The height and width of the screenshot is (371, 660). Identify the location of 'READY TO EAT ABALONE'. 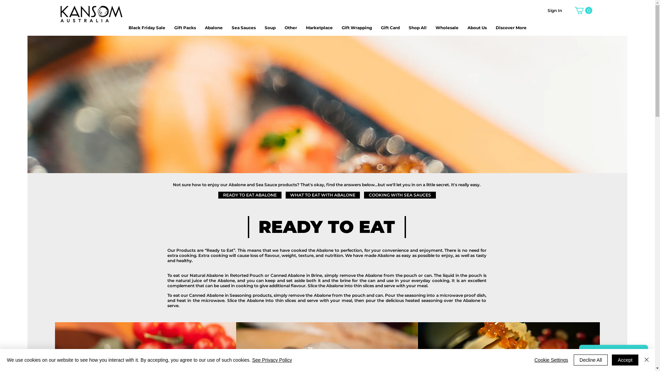
(249, 195).